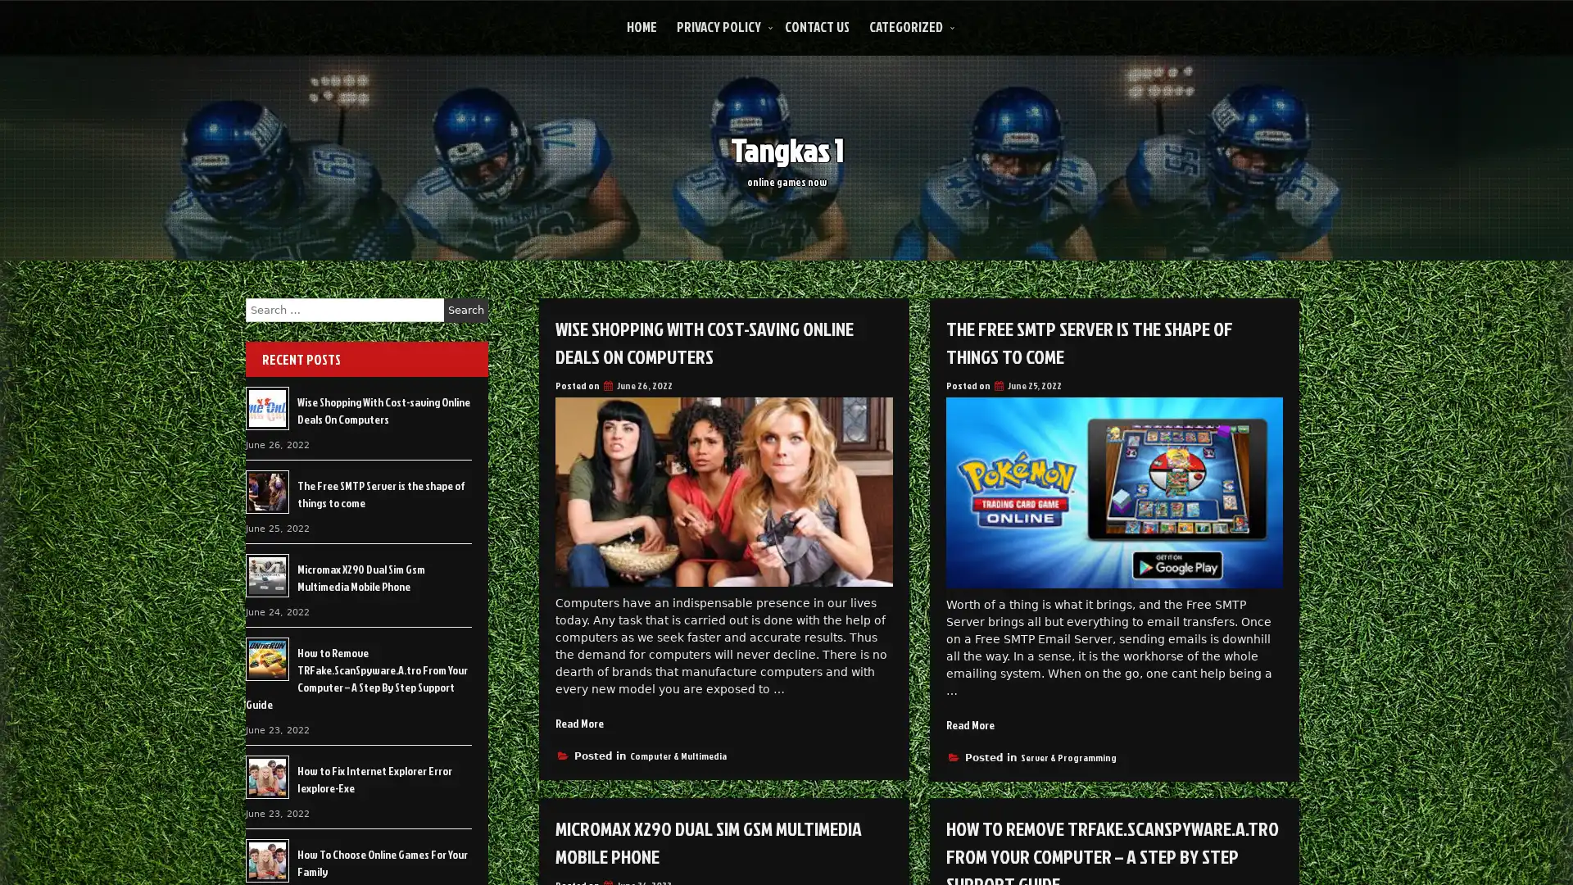 The image size is (1573, 885). I want to click on Search, so click(465, 310).